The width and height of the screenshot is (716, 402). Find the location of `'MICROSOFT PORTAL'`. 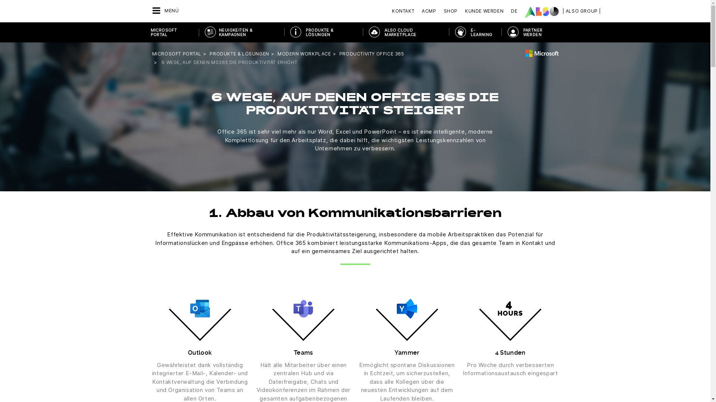

'MICROSOFT PORTAL' is located at coordinates (152, 53).